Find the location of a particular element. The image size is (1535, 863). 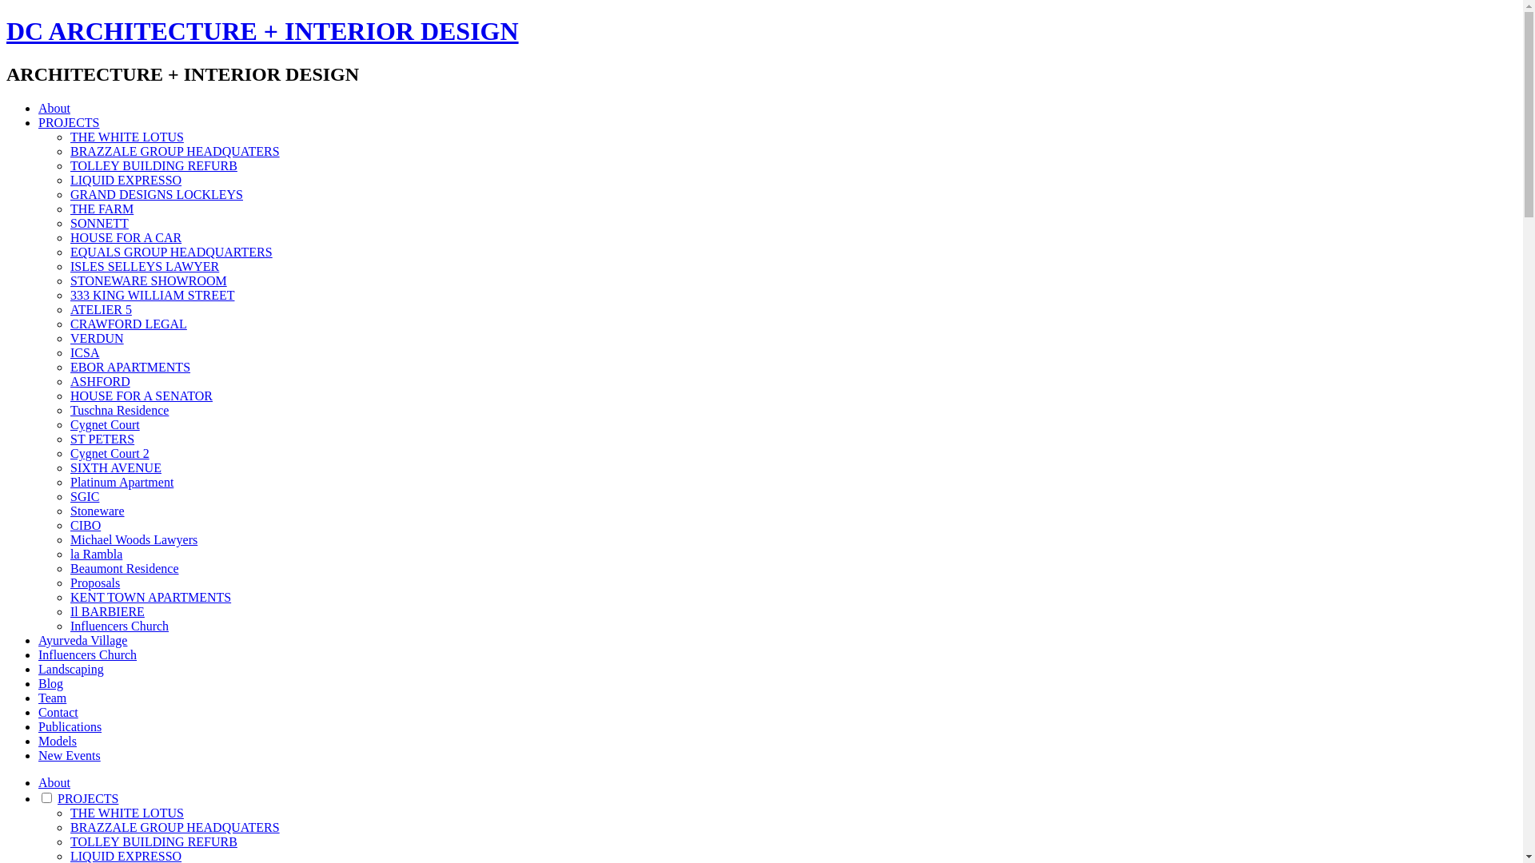

'STONEWARE SHOWROOM' is located at coordinates (149, 280).